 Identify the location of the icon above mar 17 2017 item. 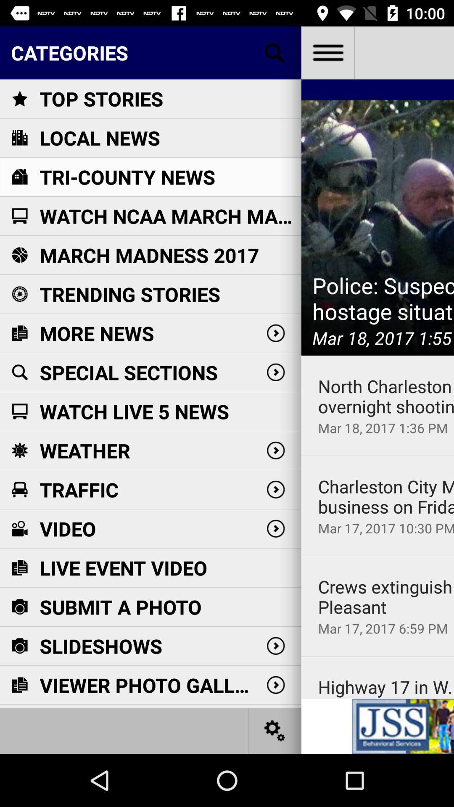
(386, 496).